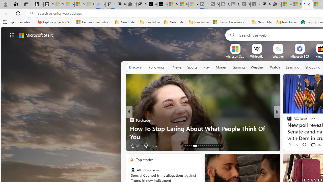 The image size is (323, 182). I want to click on 'View comments 160 Comment', so click(313, 145).